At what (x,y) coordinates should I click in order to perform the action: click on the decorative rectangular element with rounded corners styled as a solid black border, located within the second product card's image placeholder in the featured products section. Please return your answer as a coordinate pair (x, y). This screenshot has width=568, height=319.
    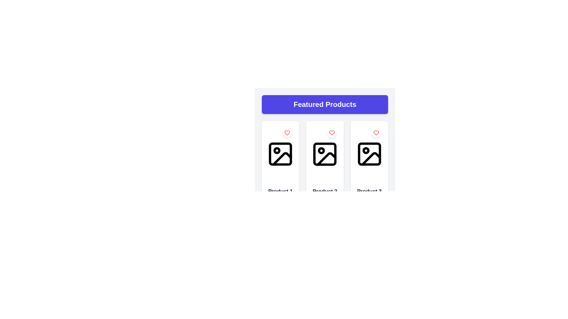
    Looking at the image, I should click on (325, 154).